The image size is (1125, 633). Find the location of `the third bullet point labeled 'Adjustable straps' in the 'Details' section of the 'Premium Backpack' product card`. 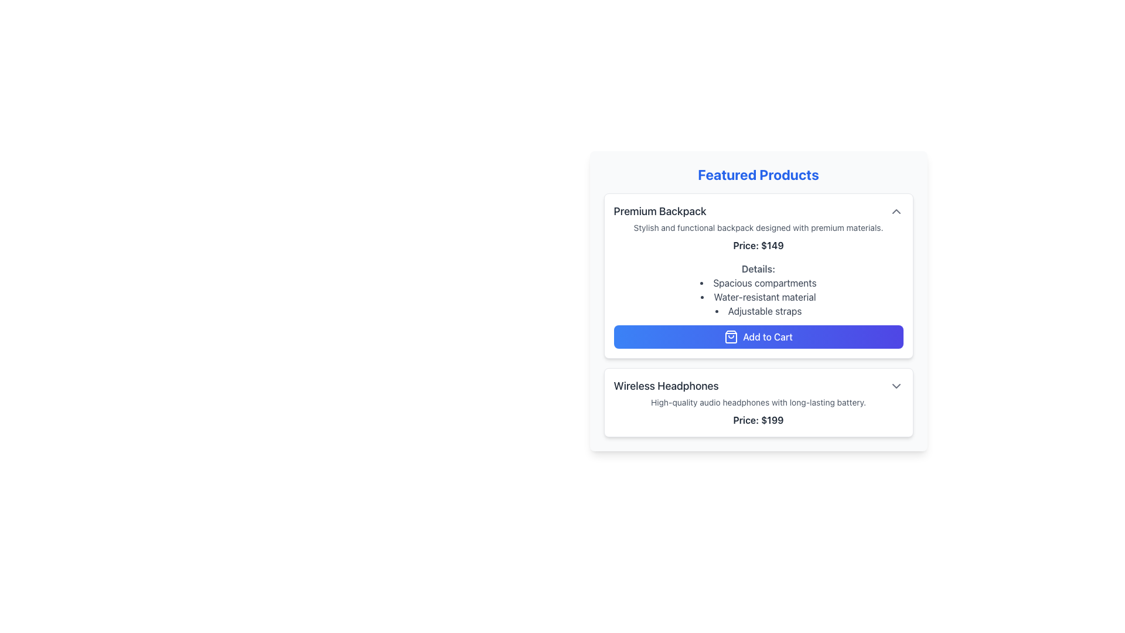

the third bullet point labeled 'Adjustable straps' in the 'Details' section of the 'Premium Backpack' product card is located at coordinates (758, 311).